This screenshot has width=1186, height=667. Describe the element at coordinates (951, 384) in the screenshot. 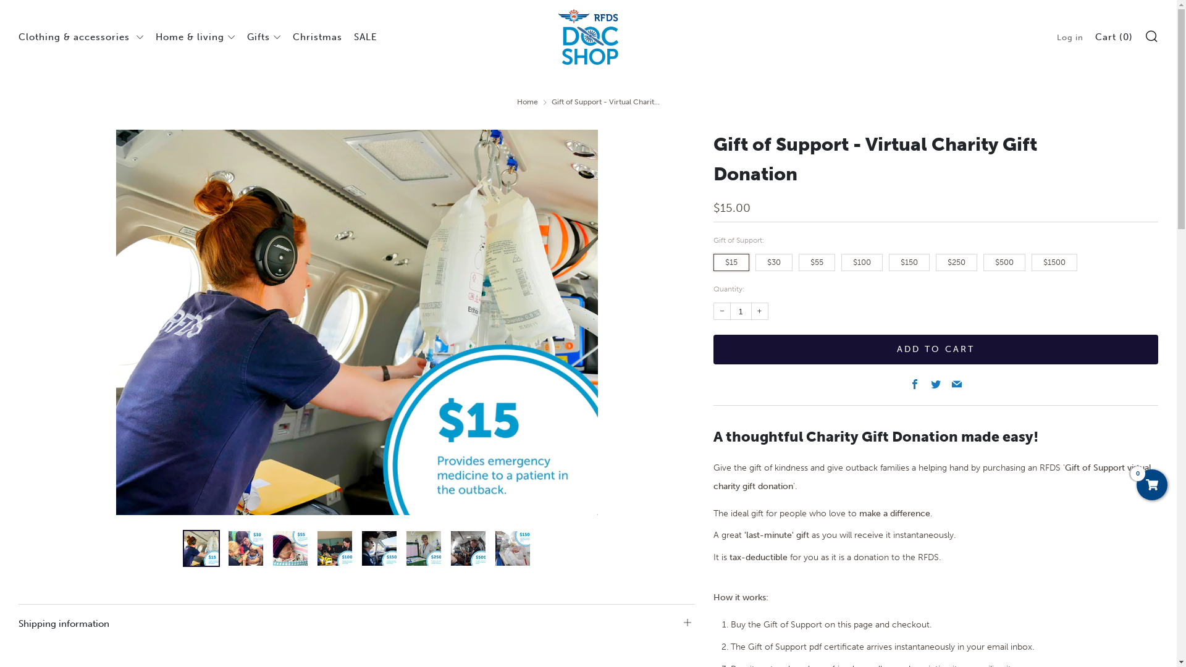

I see `'Email'` at that location.